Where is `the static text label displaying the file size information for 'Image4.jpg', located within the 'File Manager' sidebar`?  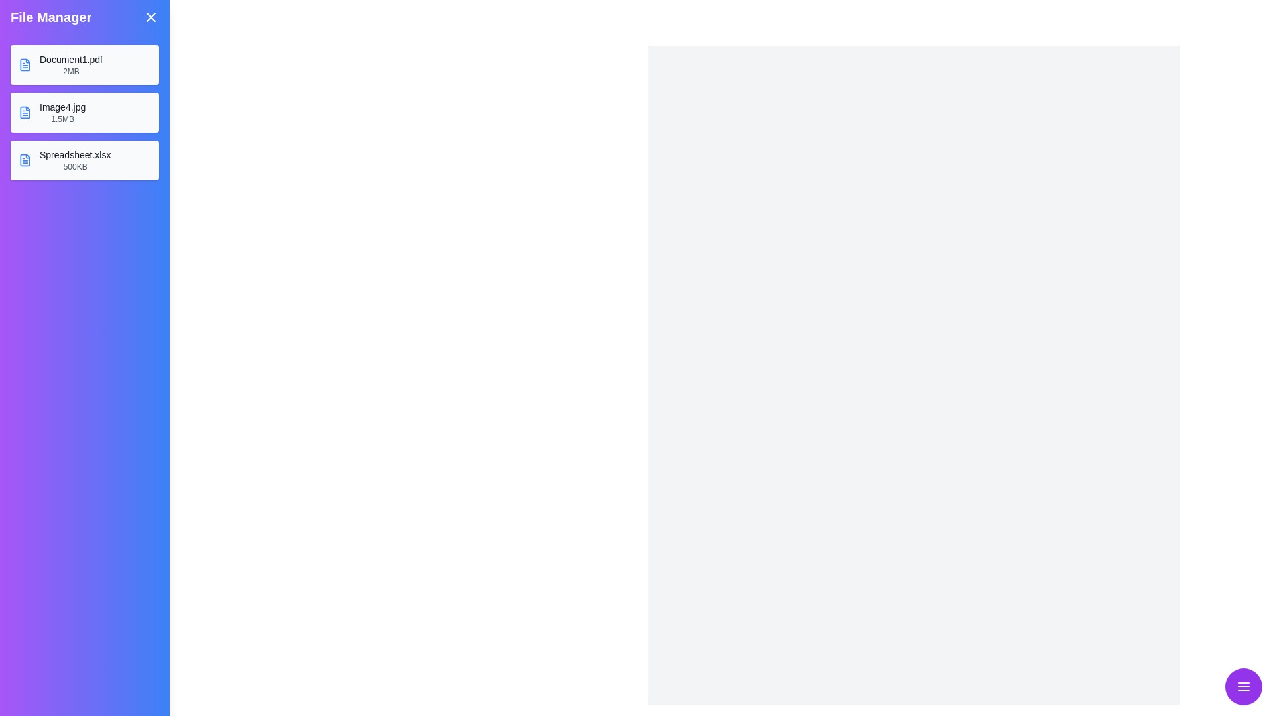 the static text label displaying the file size information for 'Image4.jpg', located within the 'File Manager' sidebar is located at coordinates (62, 119).